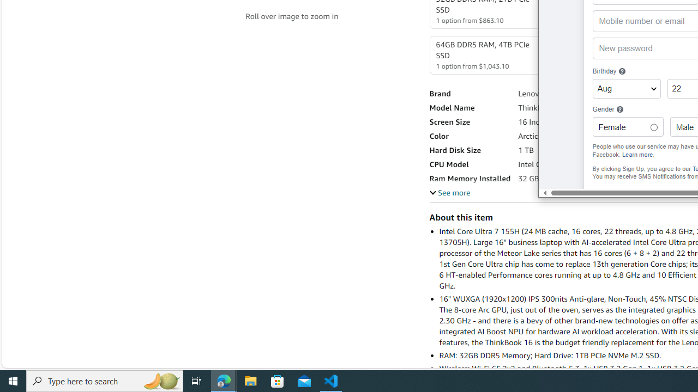 This screenshot has width=698, height=392. I want to click on 'Female', so click(653, 127).